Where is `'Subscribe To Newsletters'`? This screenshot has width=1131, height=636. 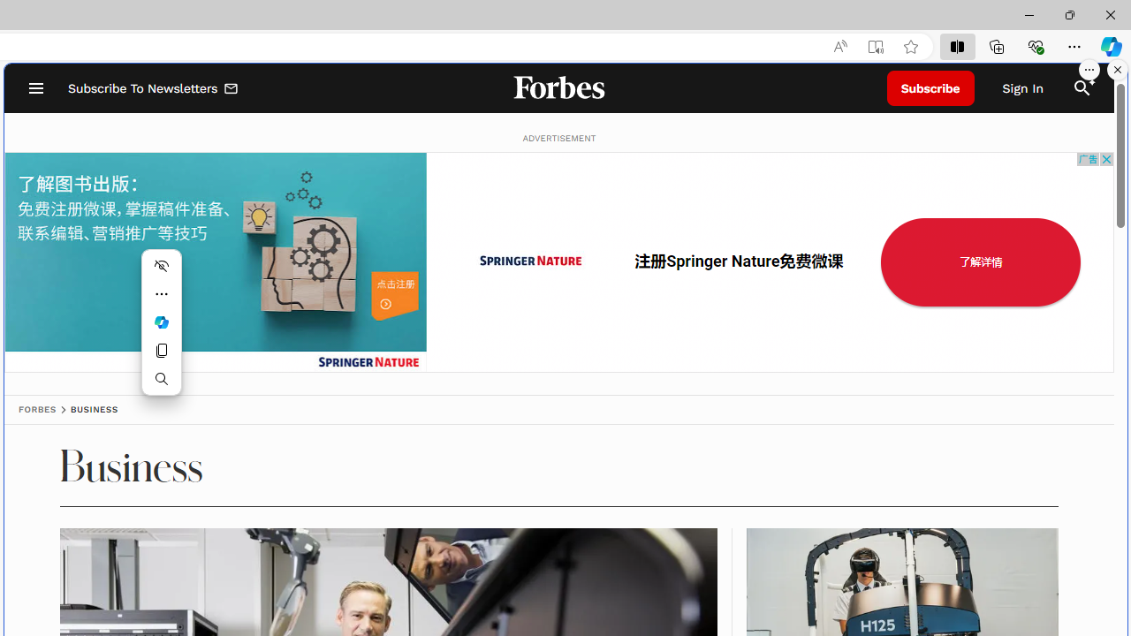 'Subscribe To Newsletters' is located at coordinates (154, 88).